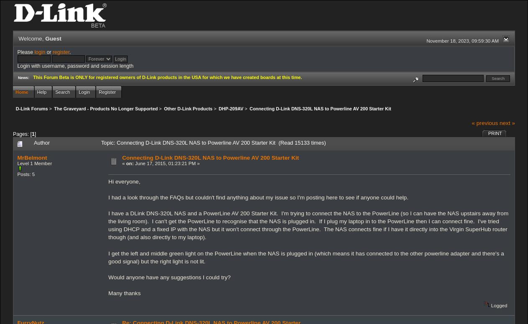  What do you see at coordinates (108, 257) in the screenshot?
I see `'I get the left and middle green light on the PowerLine when the NAS is plugged in (which means it has connected to the other powerline adapter and there's a good signal) but the right light is not lit.'` at bounding box center [108, 257].